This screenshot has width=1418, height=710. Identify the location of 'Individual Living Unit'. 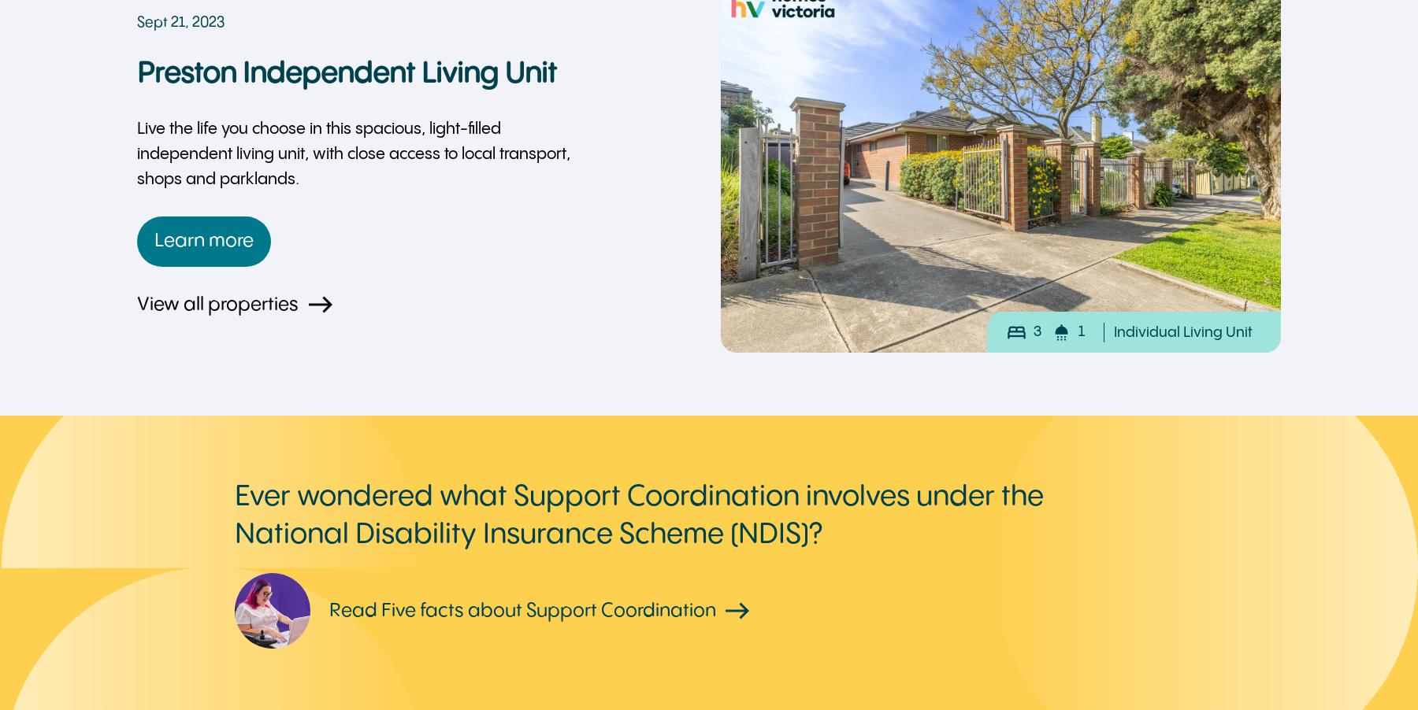
(1113, 331).